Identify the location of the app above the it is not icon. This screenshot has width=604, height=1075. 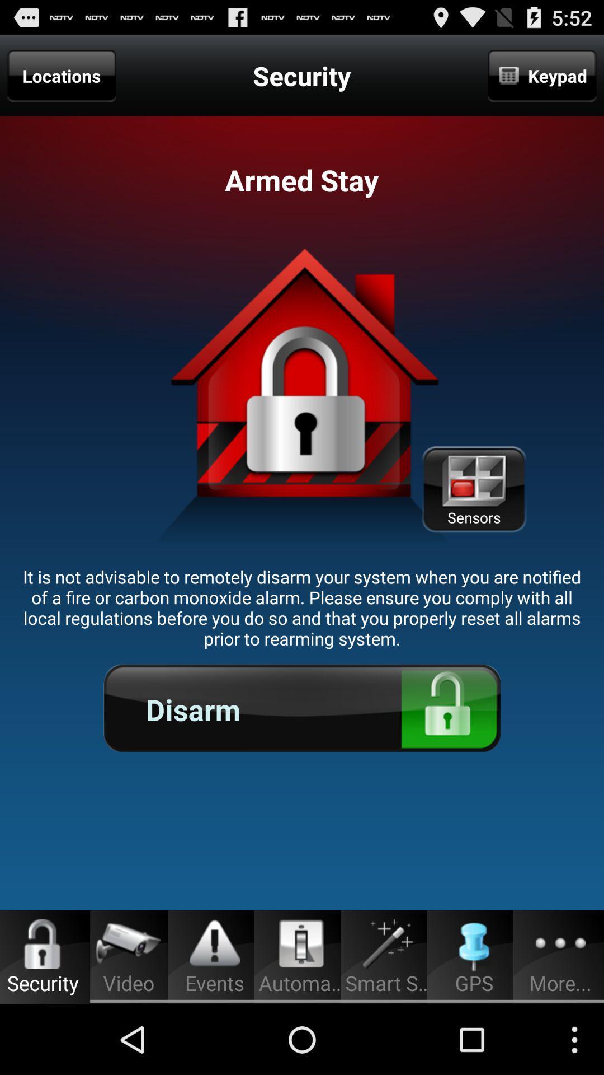
(474, 489).